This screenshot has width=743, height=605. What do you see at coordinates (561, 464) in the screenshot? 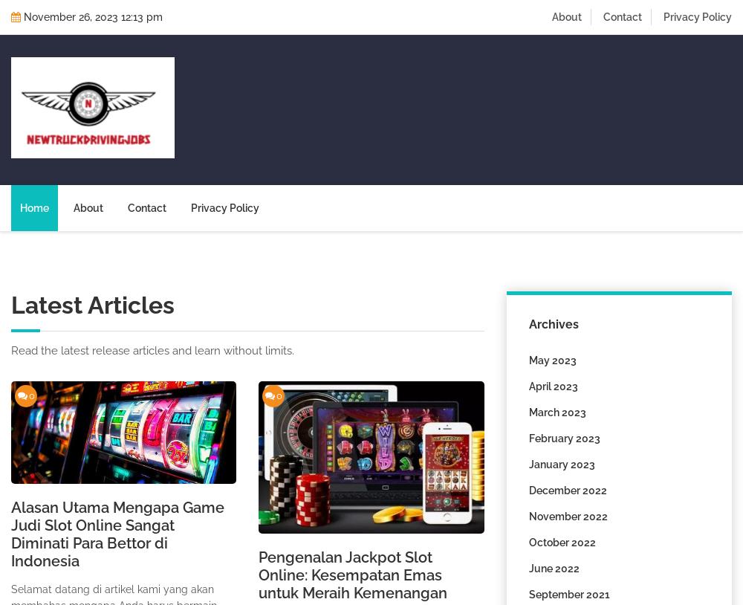
I see `'January 2023'` at bounding box center [561, 464].